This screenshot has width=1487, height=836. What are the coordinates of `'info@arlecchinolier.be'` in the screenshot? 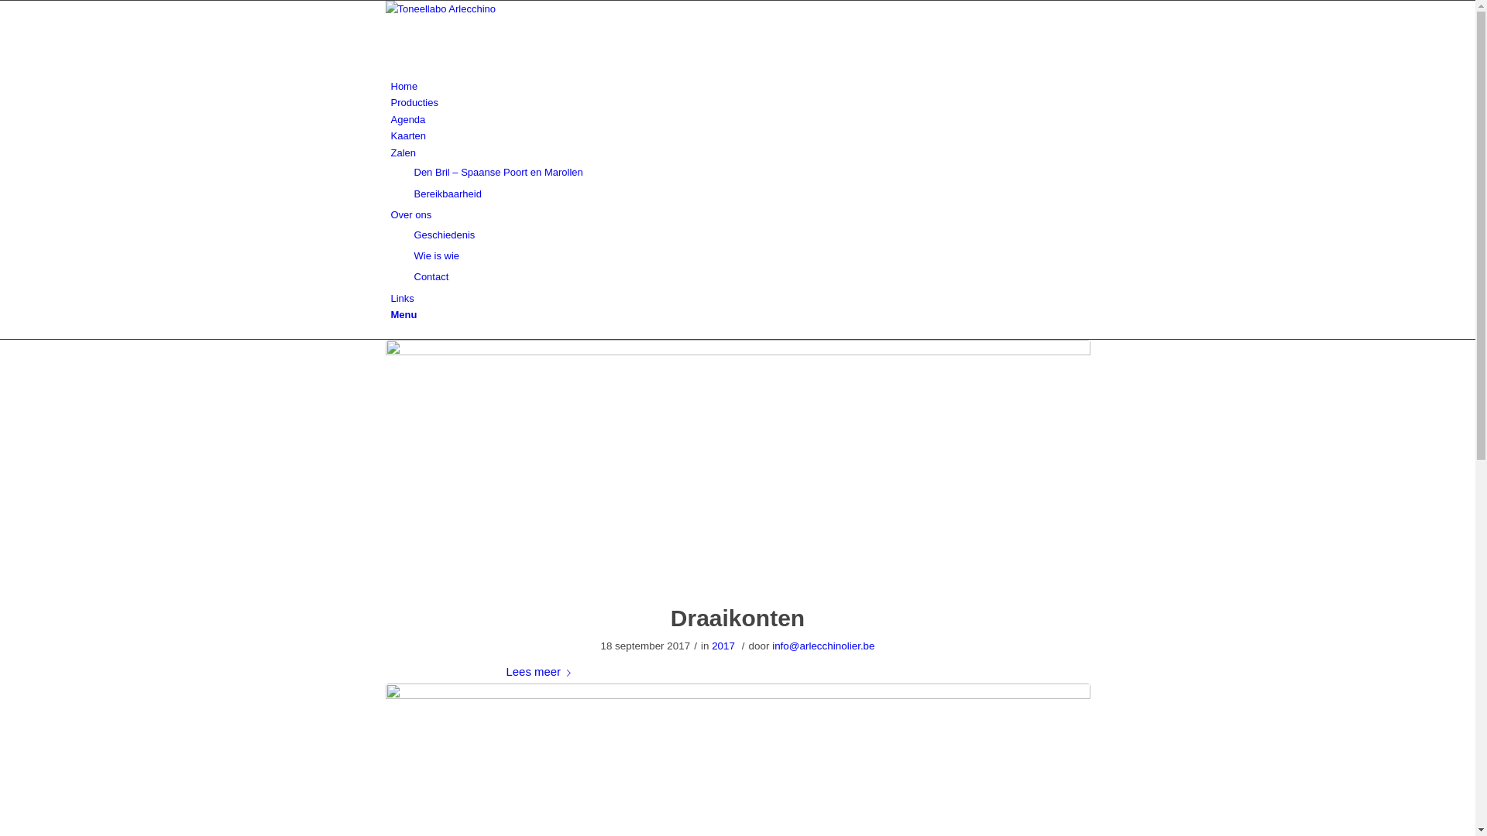 It's located at (822, 646).